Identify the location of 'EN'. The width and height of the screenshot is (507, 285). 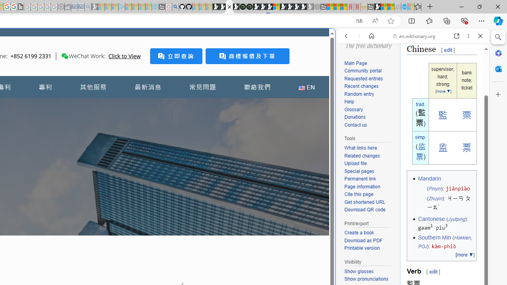
(306, 87).